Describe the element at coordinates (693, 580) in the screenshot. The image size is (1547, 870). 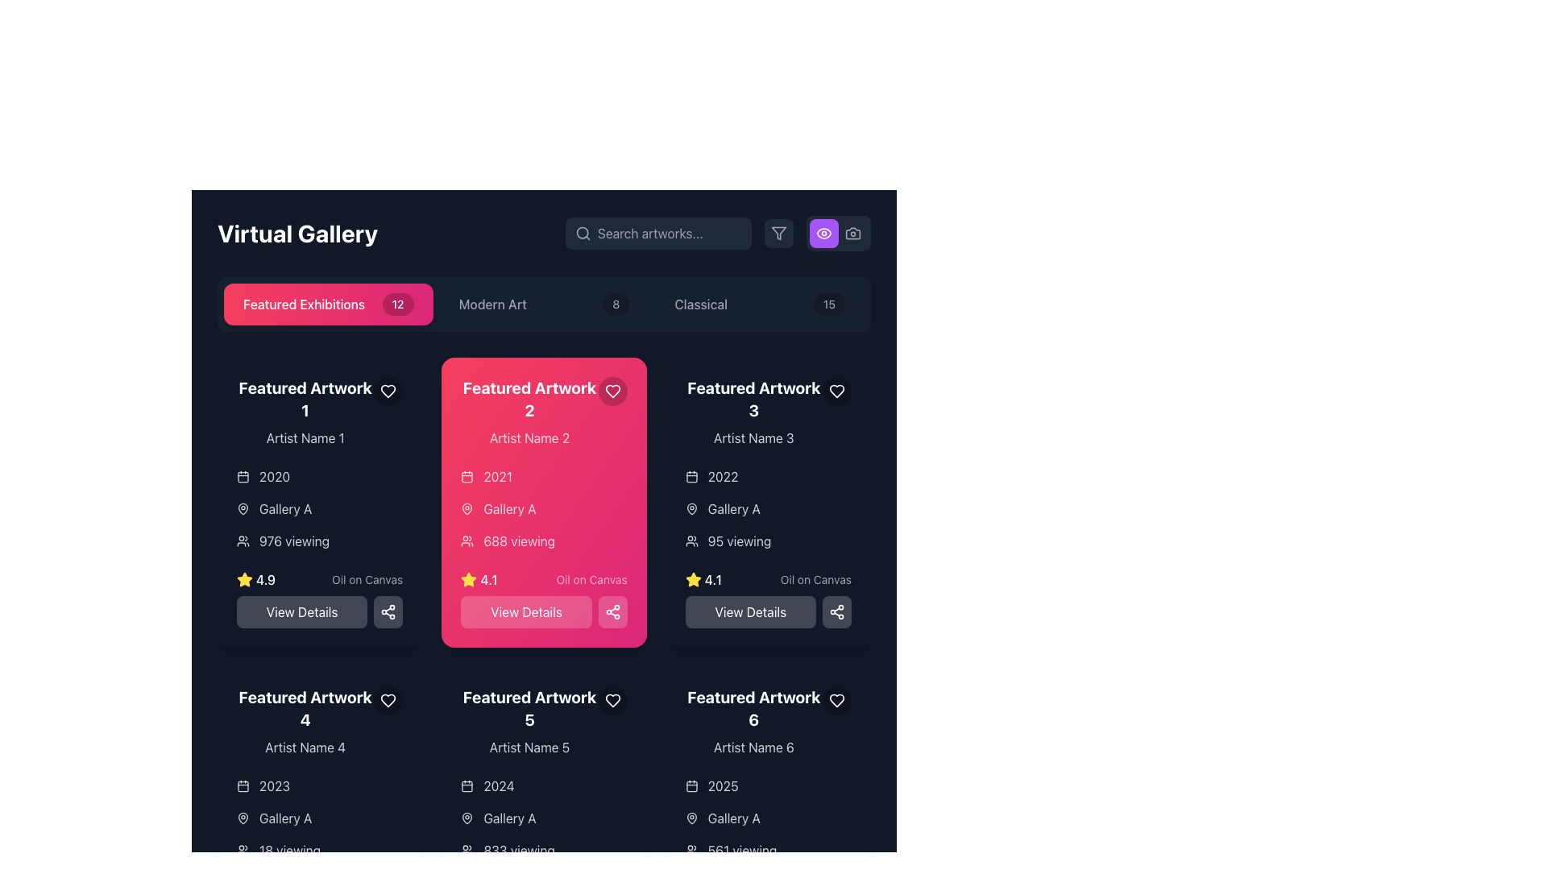
I see `the yellow star icon with five points, which indicates a '4.1' rating and is located in the lower section of the card labeled 'Featured Artwork 2.'` at that location.